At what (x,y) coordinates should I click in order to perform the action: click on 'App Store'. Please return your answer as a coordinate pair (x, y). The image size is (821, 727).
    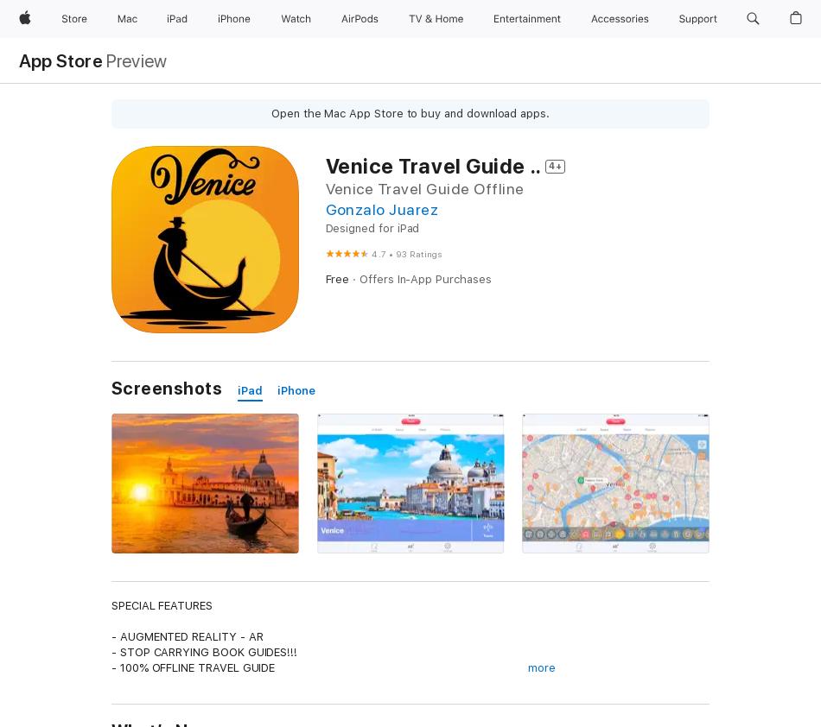
    Looking at the image, I should click on (60, 60).